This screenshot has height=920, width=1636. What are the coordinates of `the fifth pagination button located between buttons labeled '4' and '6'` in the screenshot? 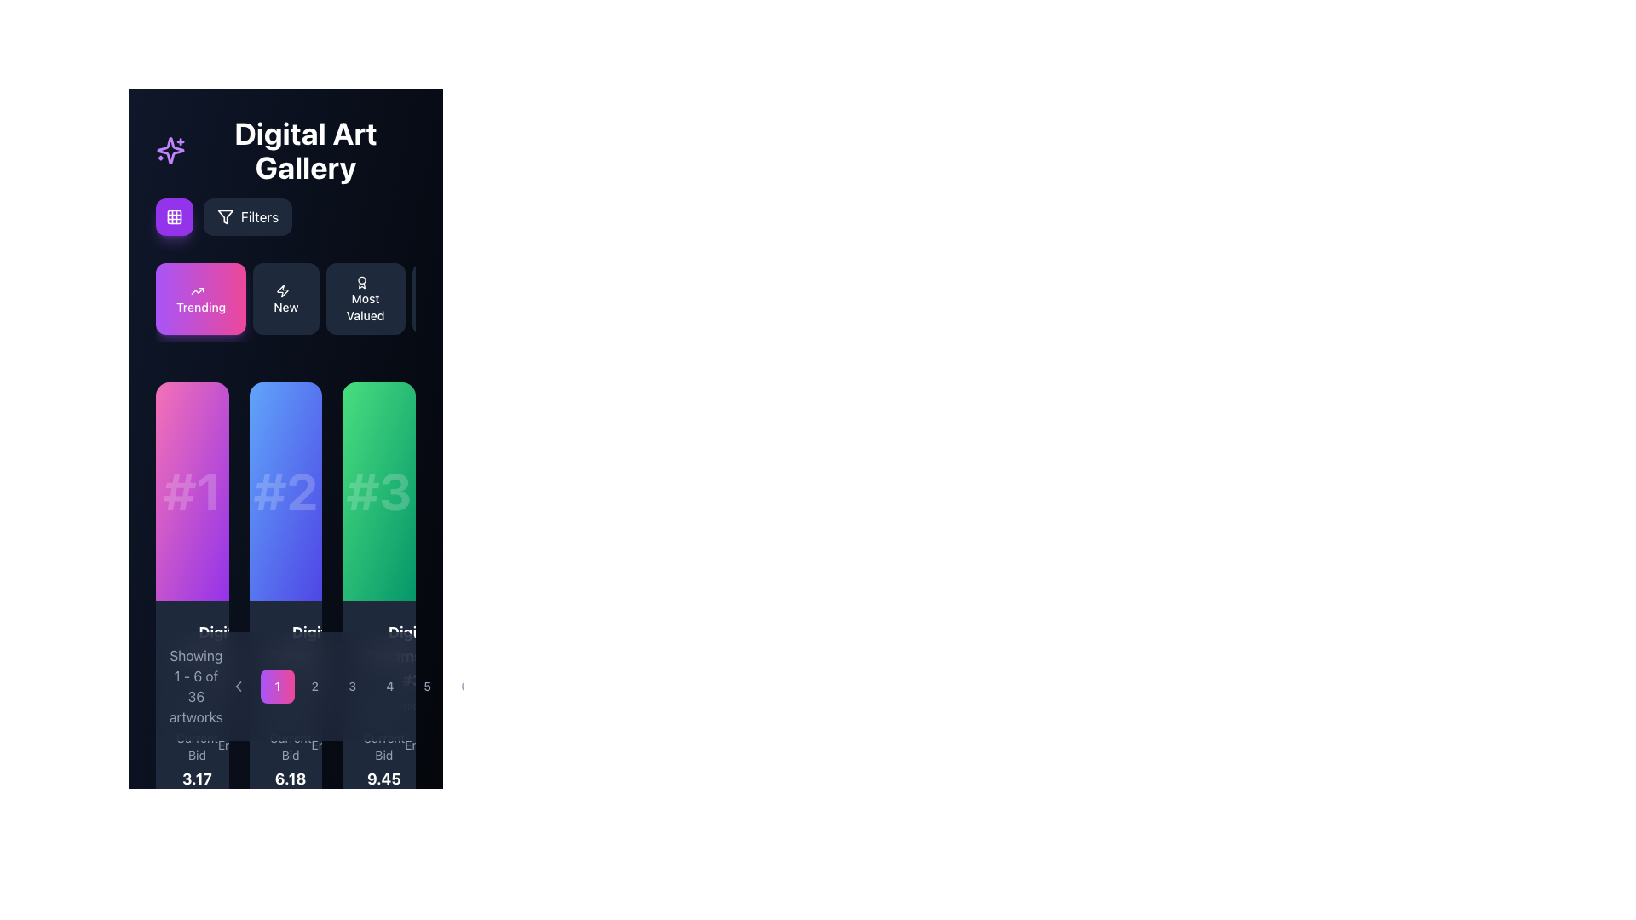 It's located at (427, 686).